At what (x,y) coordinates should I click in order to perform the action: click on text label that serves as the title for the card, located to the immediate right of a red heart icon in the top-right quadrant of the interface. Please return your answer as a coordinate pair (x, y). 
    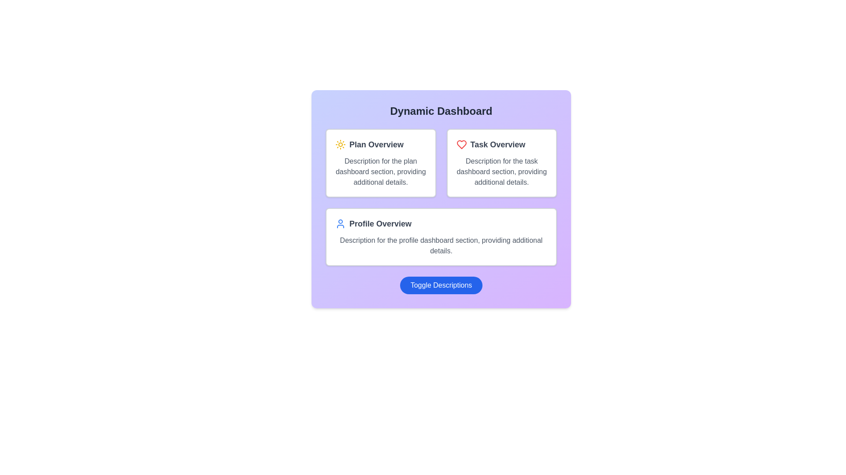
    Looking at the image, I should click on (497, 144).